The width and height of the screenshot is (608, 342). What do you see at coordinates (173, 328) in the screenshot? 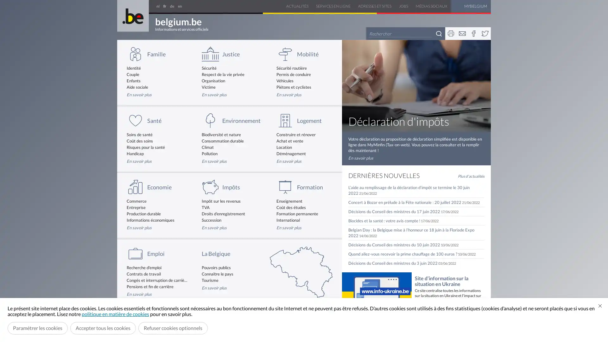
I see `Refuser cookies optionnels` at bounding box center [173, 328].